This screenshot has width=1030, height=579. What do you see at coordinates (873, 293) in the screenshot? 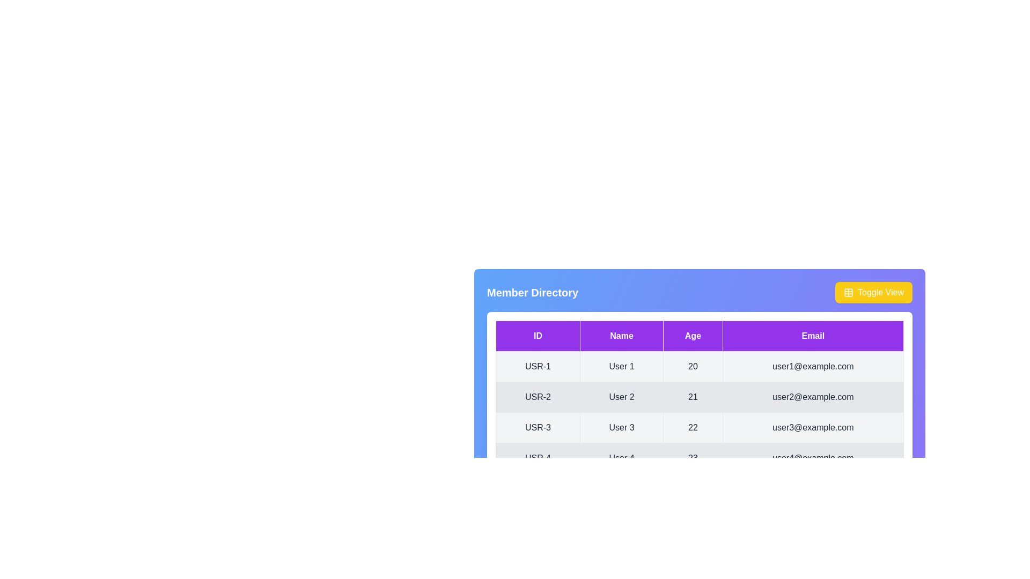
I see `'Toggle View' button to toggle the visibility of the table view` at bounding box center [873, 293].